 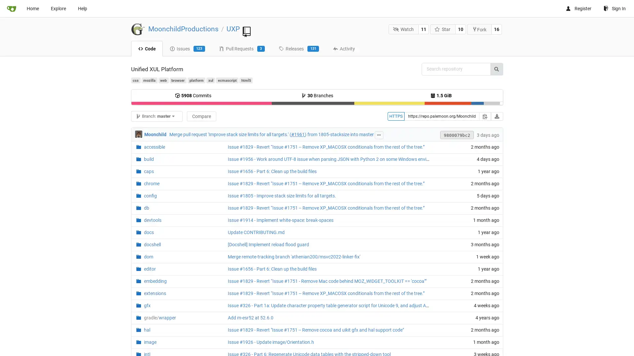 I want to click on Watch, so click(x=403, y=29).